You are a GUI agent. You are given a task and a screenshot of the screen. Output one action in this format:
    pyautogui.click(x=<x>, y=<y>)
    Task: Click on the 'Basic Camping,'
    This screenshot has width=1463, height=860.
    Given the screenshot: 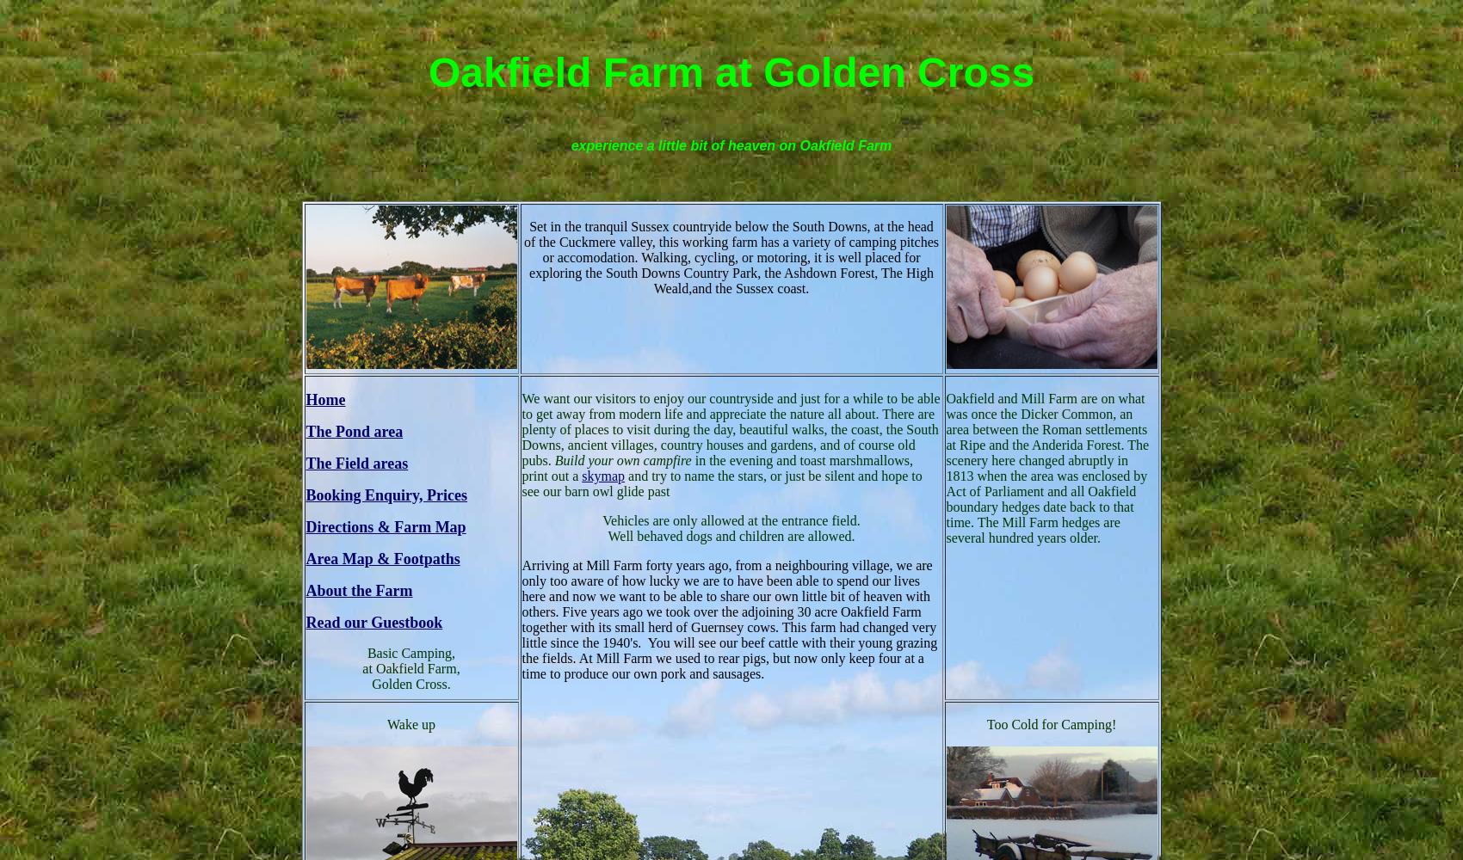 What is the action you would take?
    pyautogui.click(x=411, y=652)
    